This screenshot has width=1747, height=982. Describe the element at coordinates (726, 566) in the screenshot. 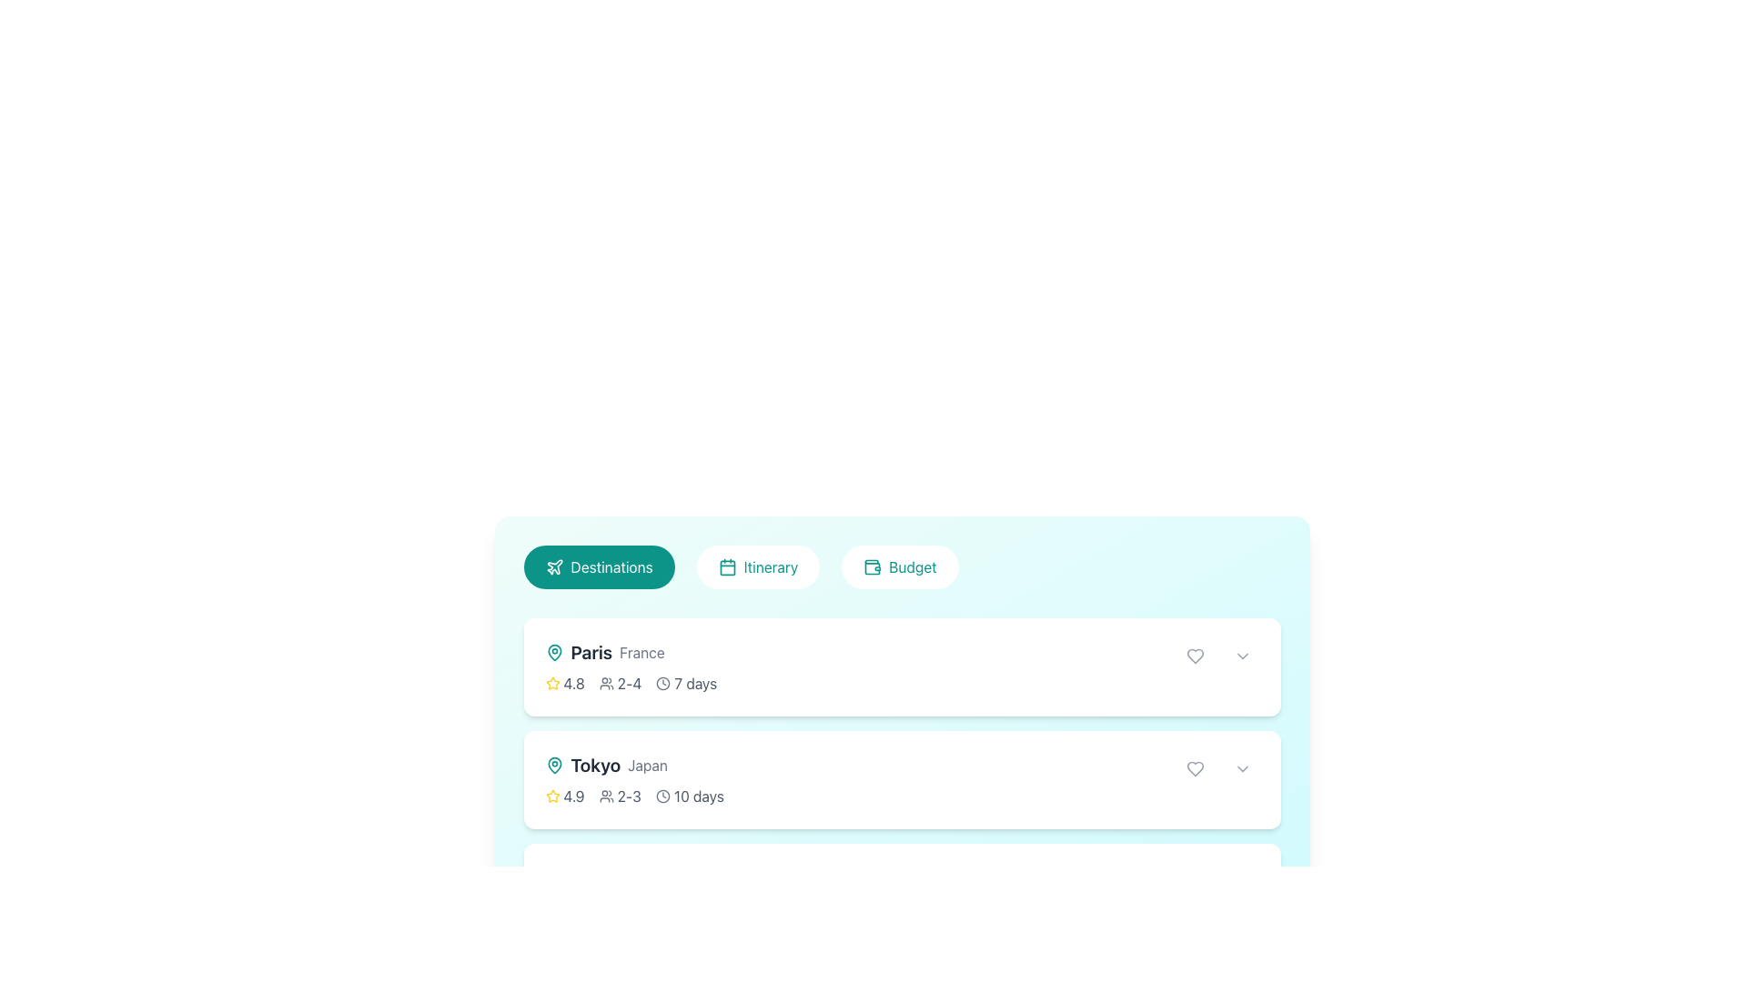

I see `the calendar icon located to the left of the 'Itinerary' button` at that location.